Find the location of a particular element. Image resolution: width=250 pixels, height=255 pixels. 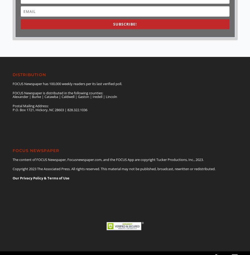

'Distribution' is located at coordinates (29, 74).